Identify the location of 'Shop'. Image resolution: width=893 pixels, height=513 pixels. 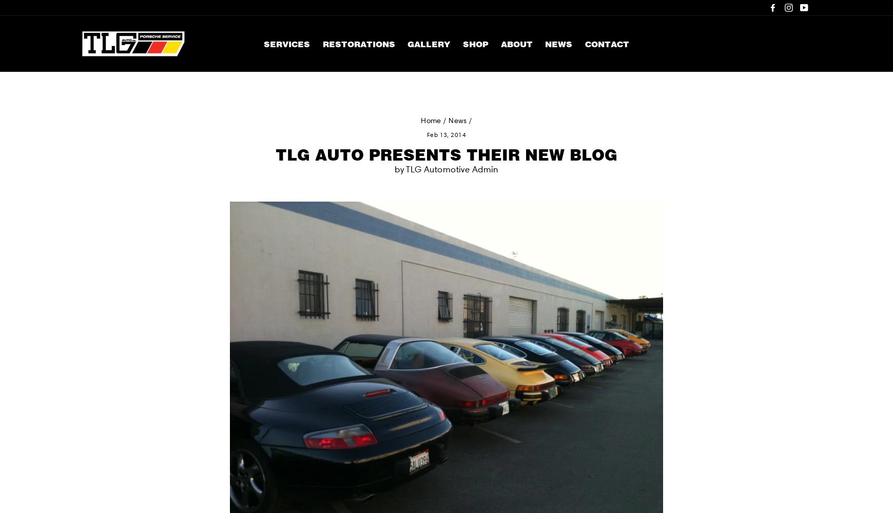
(461, 43).